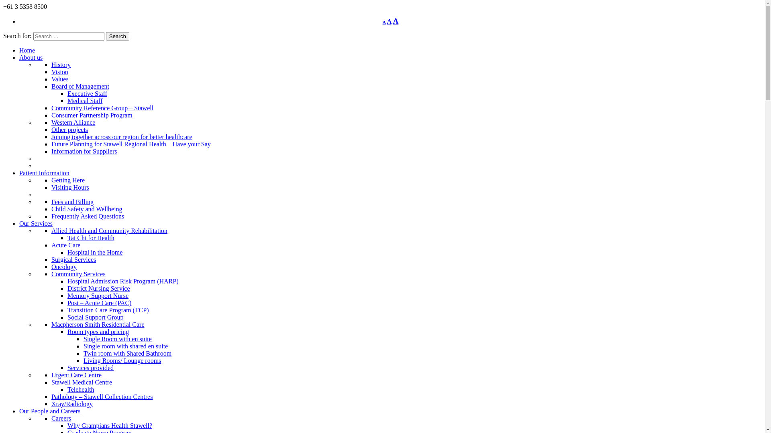  I want to click on 'Child Safety and Wellbeing', so click(51, 208).